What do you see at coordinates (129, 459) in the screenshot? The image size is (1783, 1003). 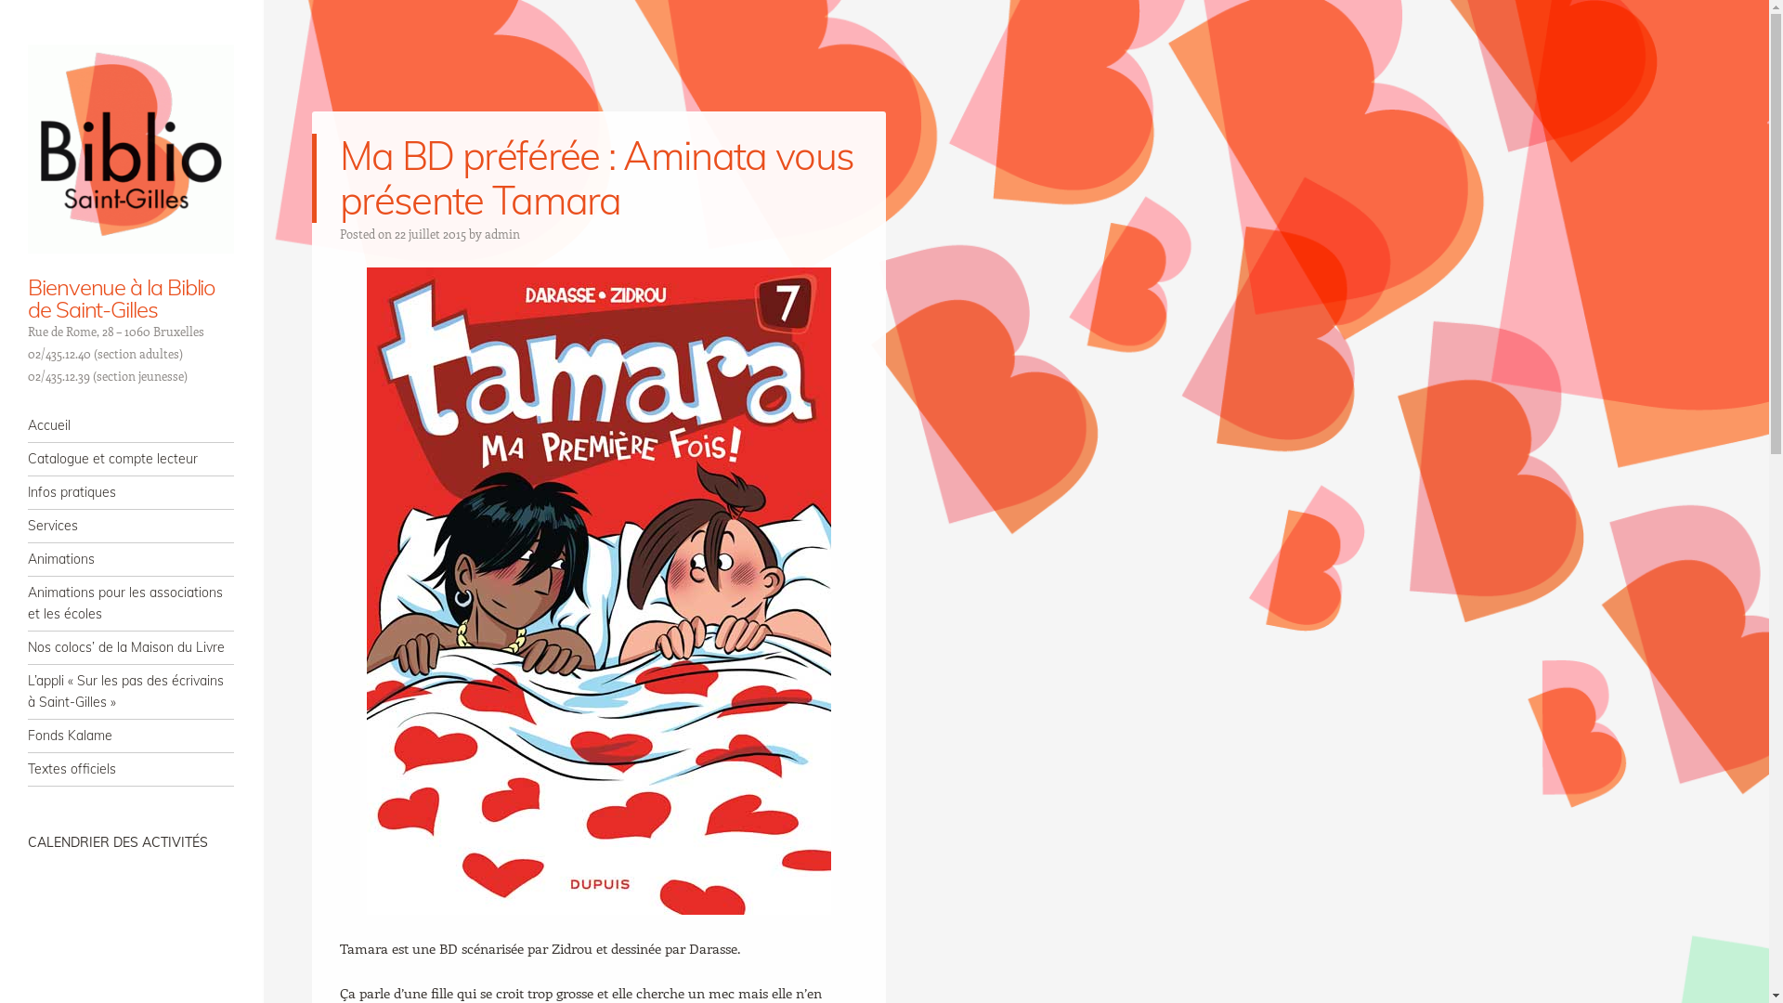 I see `'Catalogue et compte lecteur'` at bounding box center [129, 459].